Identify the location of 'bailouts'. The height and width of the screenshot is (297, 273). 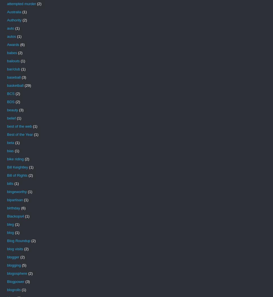
(7, 61).